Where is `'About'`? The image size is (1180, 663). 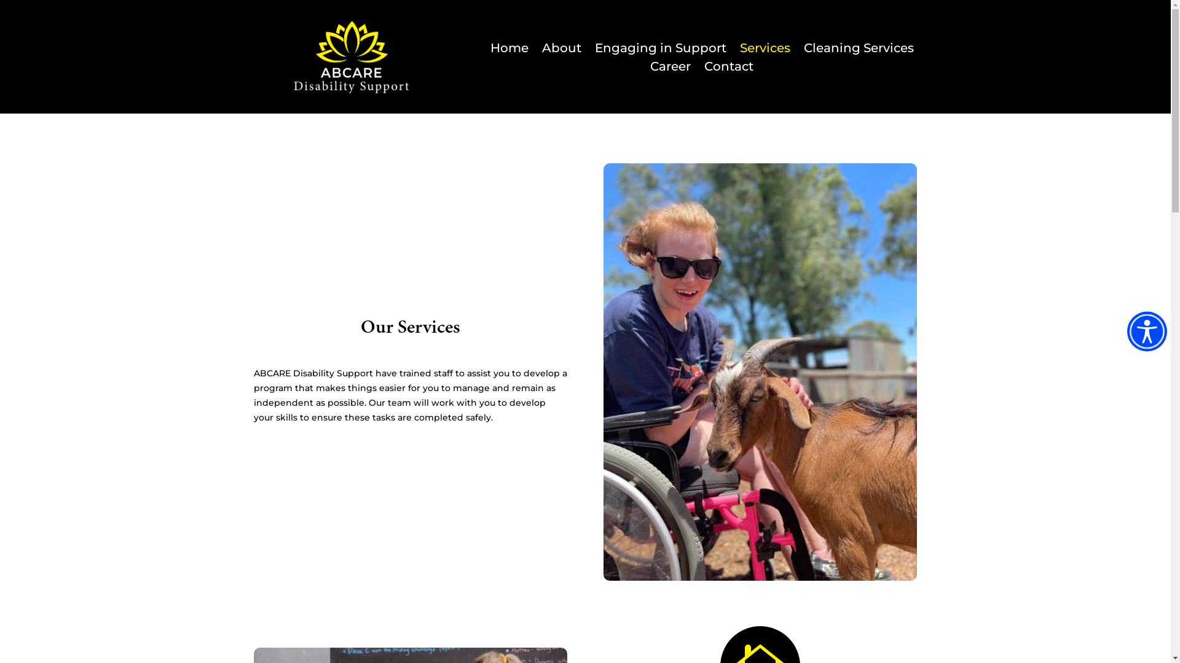 'About' is located at coordinates (560, 49).